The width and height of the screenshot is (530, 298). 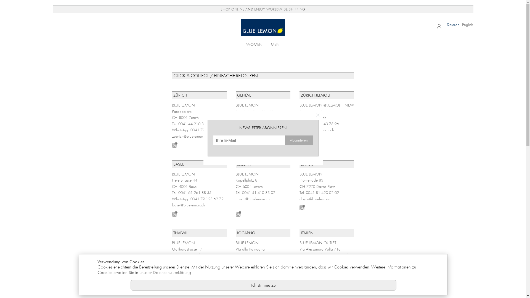 What do you see at coordinates (316, 130) in the screenshot?
I see `'jelmoli@bluelemon.ch'` at bounding box center [316, 130].